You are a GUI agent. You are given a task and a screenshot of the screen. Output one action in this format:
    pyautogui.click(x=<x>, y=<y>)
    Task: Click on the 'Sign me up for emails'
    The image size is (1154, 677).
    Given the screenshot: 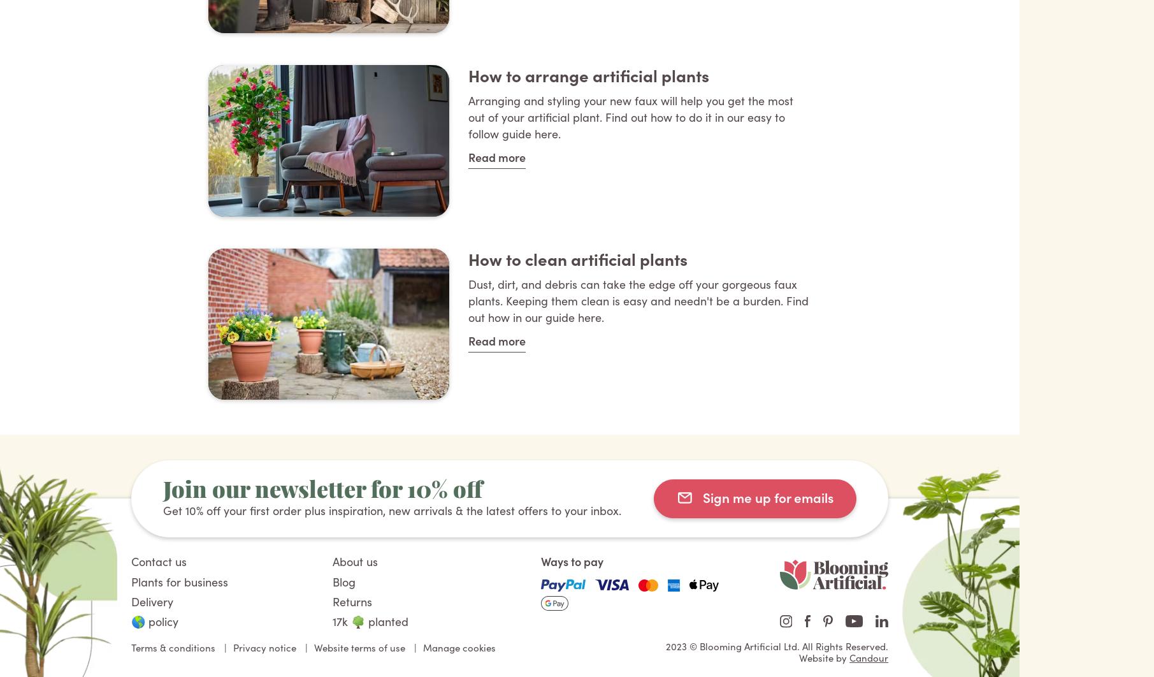 What is the action you would take?
    pyautogui.click(x=703, y=496)
    